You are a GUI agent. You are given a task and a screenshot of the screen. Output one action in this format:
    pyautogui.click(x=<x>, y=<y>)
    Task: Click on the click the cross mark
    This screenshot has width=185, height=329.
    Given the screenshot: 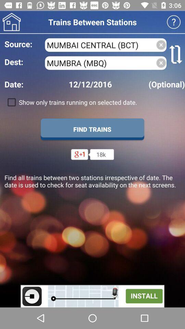 What is the action you would take?
    pyautogui.click(x=161, y=45)
    